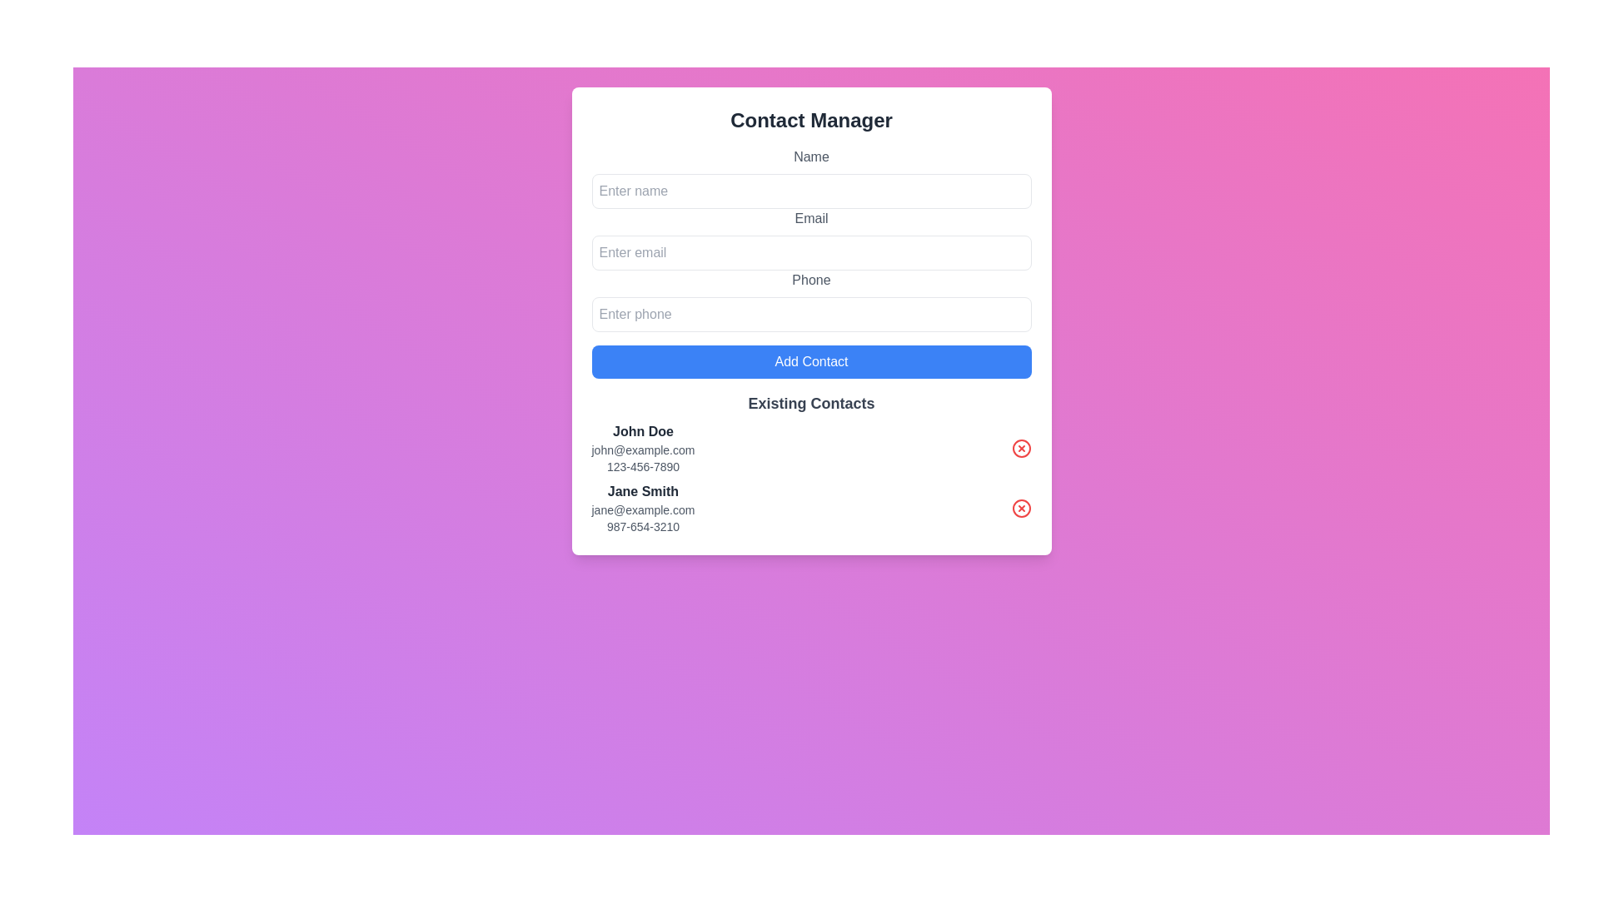 Image resolution: width=1599 pixels, height=899 pixels. Describe the element at coordinates (811, 157) in the screenshot. I see `the text label displaying 'Name', which is styled in gray and positioned at the top of the form layout above the name input field` at that location.